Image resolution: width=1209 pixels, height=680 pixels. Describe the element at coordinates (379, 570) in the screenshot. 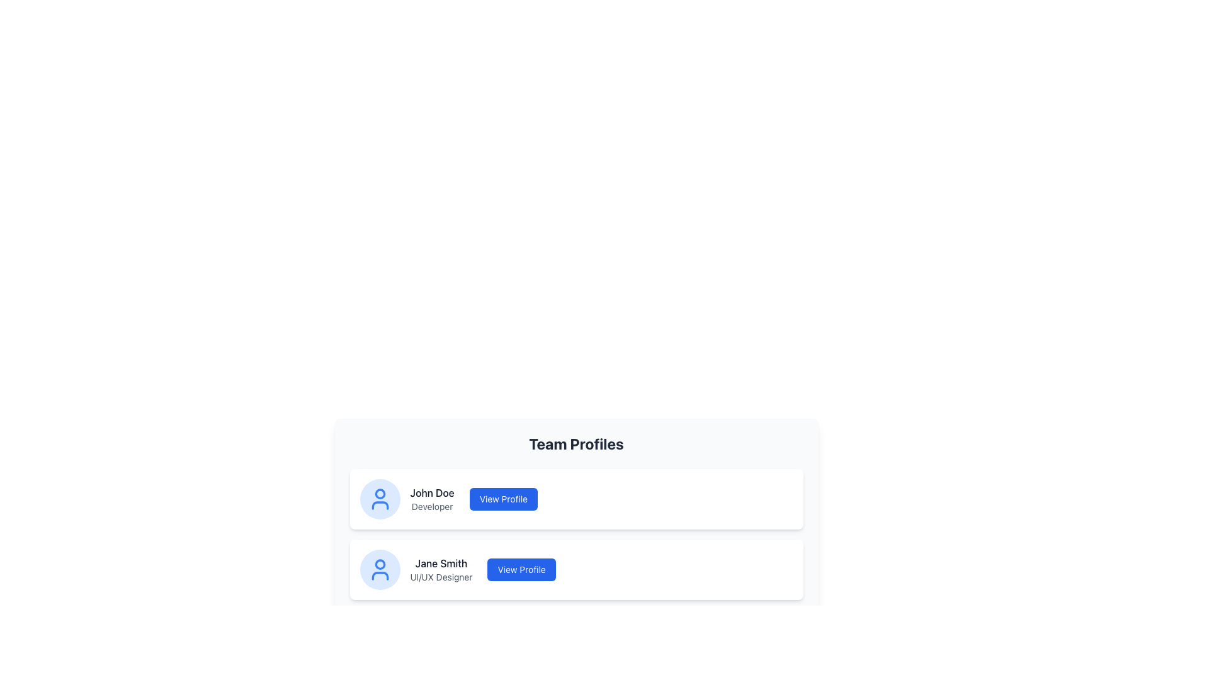

I see `user profile icon representing 'Jane Smith' located in the lower profile card on the left side` at that location.